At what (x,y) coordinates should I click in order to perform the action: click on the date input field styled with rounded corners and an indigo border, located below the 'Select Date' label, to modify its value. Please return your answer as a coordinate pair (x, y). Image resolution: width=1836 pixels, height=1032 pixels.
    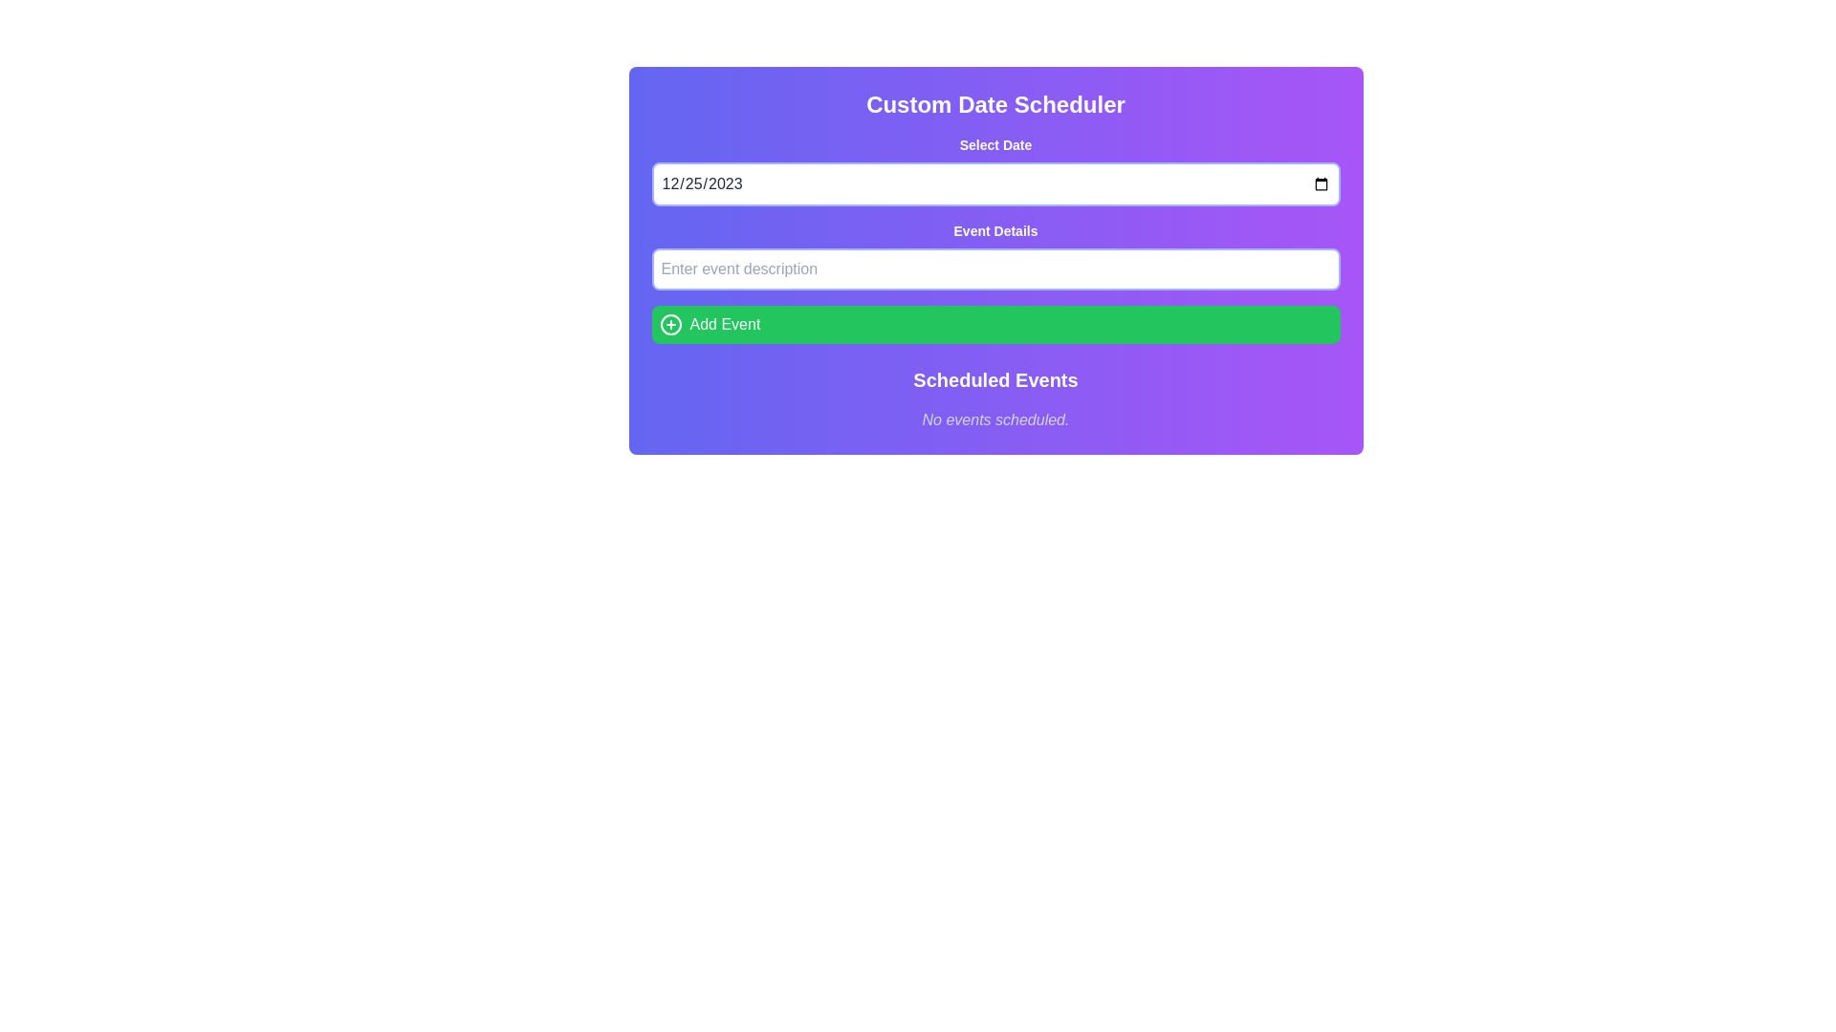
    Looking at the image, I should click on (994, 183).